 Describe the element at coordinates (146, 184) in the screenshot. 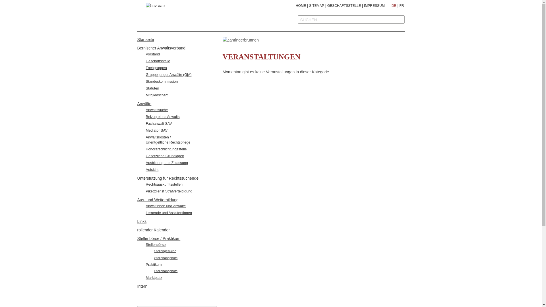

I see `'Rechtsauskunftsstellen'` at that location.